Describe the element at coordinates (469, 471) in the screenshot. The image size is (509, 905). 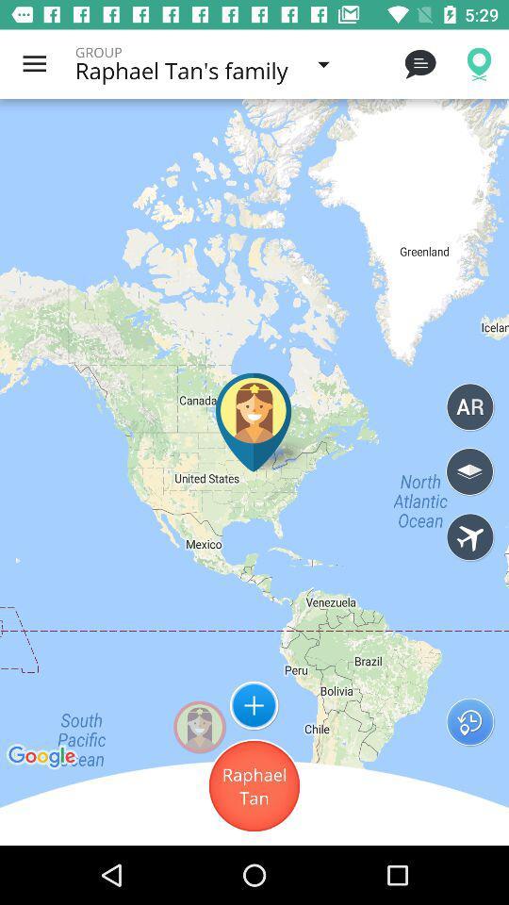
I see `the icon below ar` at that location.